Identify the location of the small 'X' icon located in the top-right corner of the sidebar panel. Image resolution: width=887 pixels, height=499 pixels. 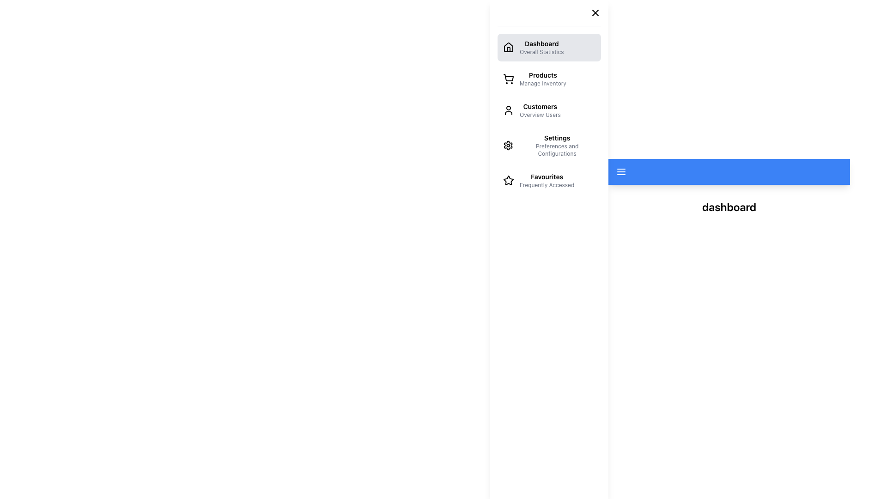
(595, 12).